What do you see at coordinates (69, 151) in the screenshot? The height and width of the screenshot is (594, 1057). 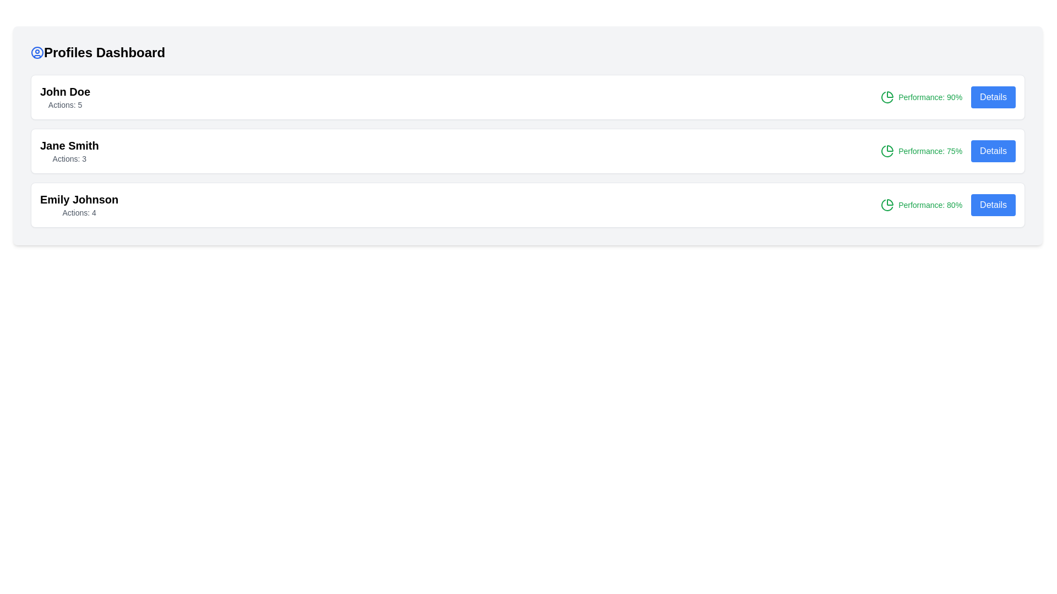 I see `the Text label displaying 'Jane Smith' and 'Actions: 3' in the second row of the Profiles Dashboard` at bounding box center [69, 151].